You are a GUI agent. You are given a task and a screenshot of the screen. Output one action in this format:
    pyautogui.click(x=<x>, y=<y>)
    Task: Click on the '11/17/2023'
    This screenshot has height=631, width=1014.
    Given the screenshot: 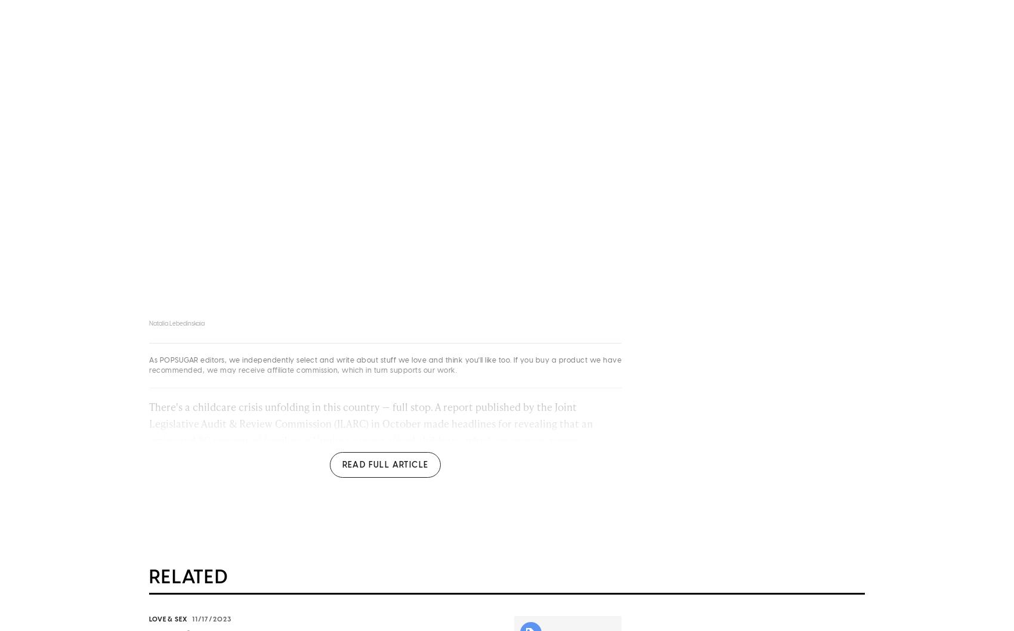 What is the action you would take?
    pyautogui.click(x=190, y=621)
    